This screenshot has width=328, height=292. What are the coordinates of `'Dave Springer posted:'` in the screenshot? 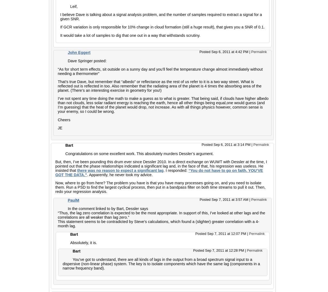 It's located at (87, 60).